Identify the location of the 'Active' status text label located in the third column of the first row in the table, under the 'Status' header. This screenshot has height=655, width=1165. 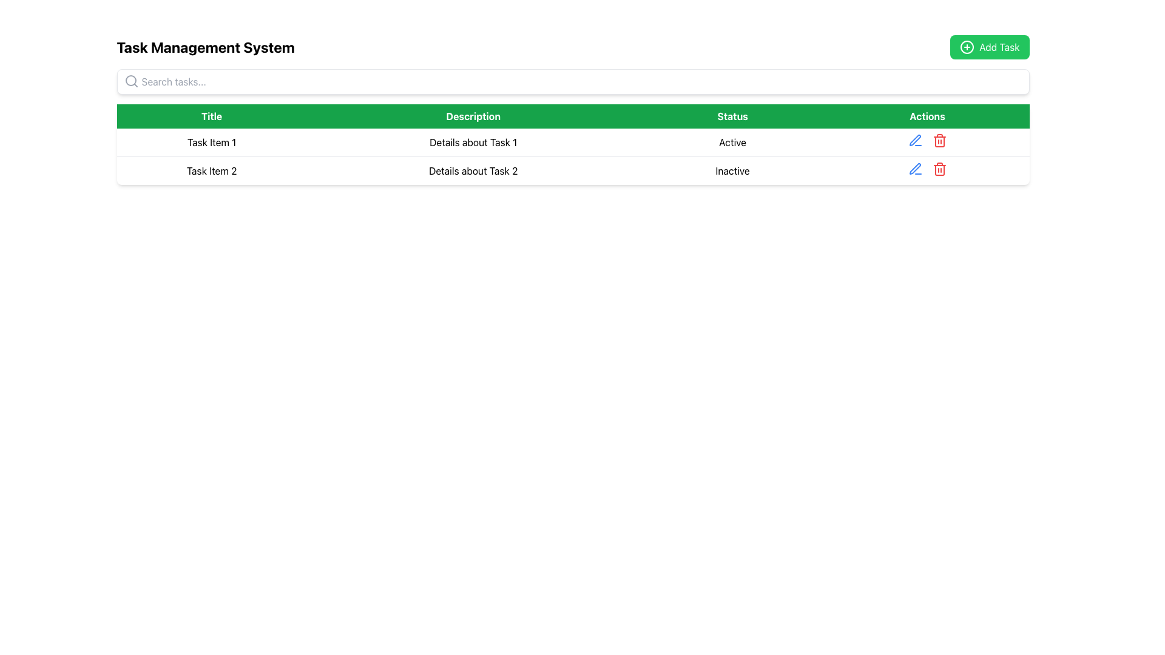
(732, 142).